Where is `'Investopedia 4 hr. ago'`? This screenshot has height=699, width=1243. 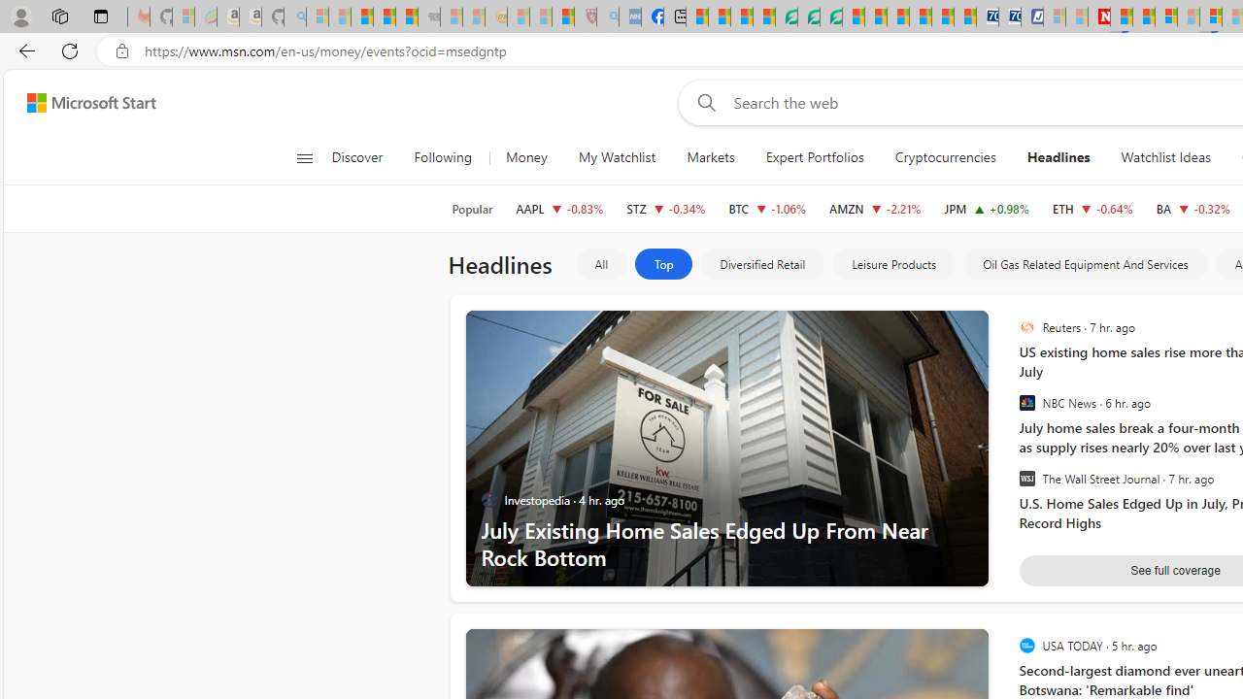
'Investopedia 4 hr. ago' is located at coordinates (563, 499).